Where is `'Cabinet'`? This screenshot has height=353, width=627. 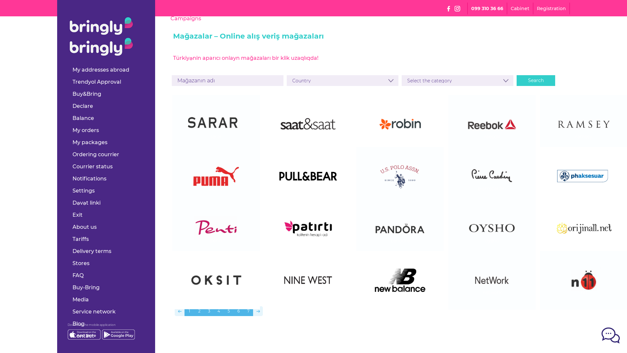
'Cabinet' is located at coordinates (520, 8).